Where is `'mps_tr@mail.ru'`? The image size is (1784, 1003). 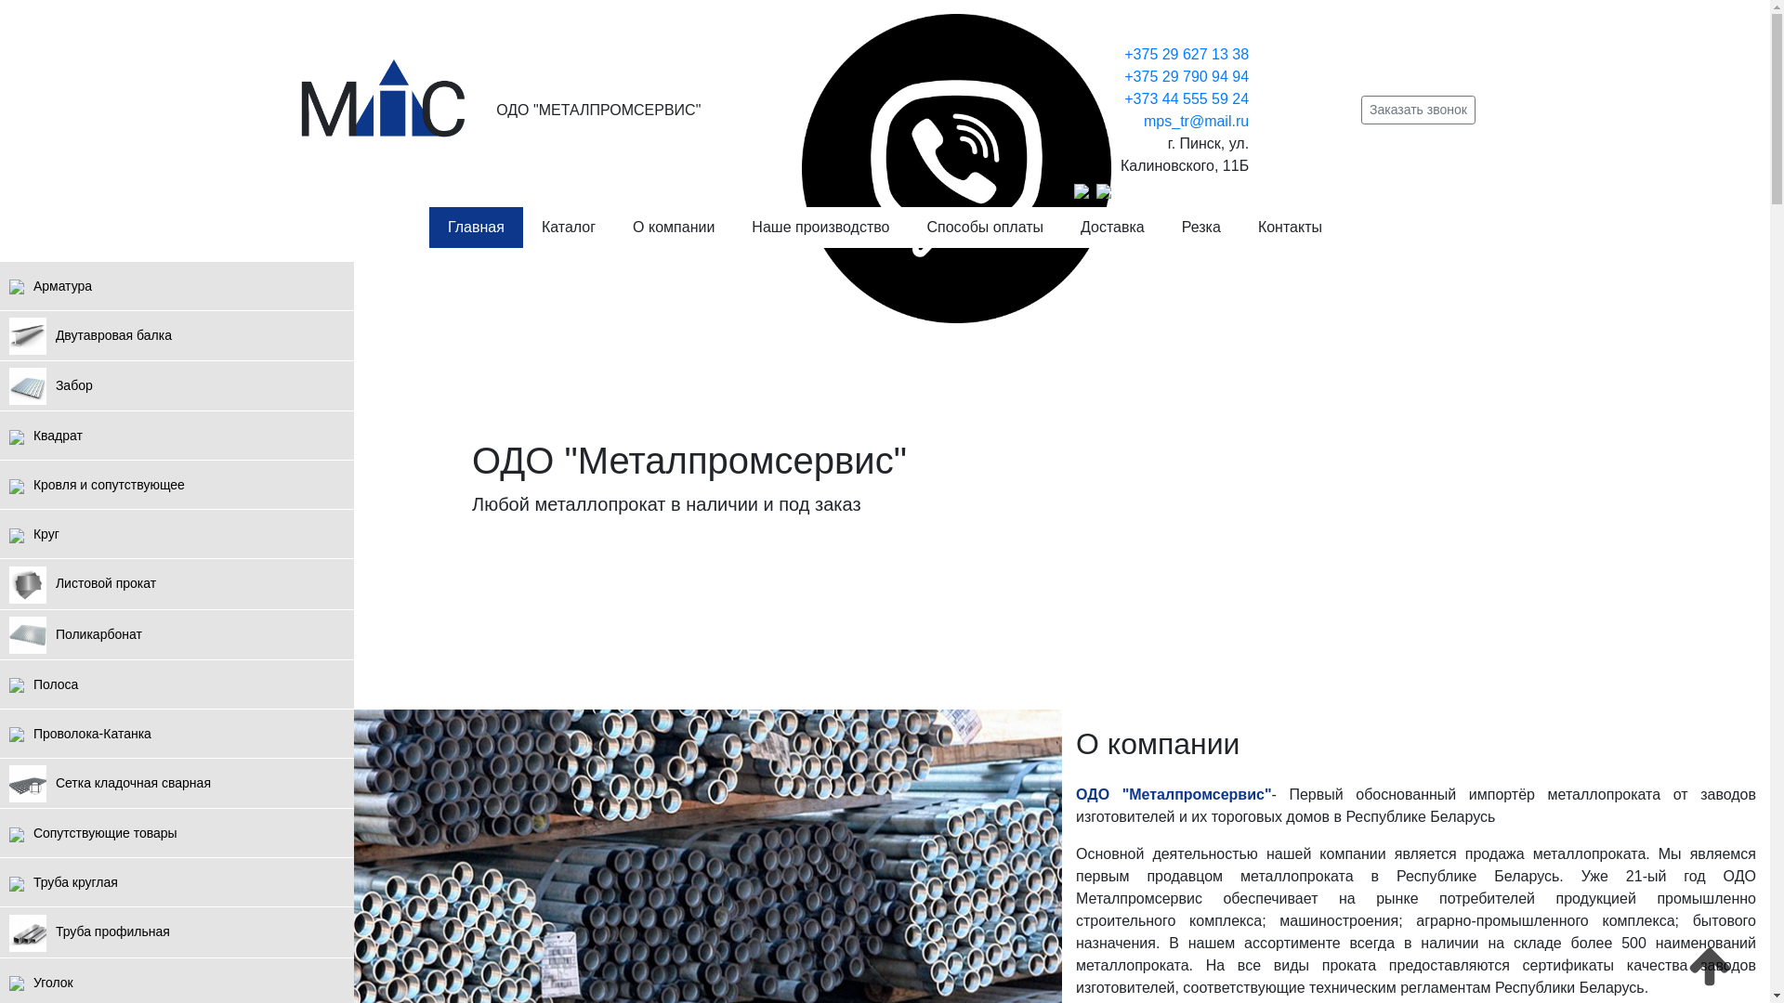 'mps_tr@mail.ru' is located at coordinates (1196, 121).